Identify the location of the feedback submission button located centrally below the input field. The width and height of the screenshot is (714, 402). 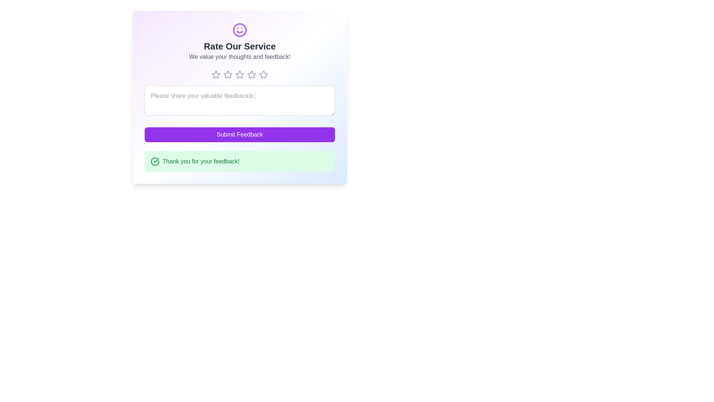
(239, 135).